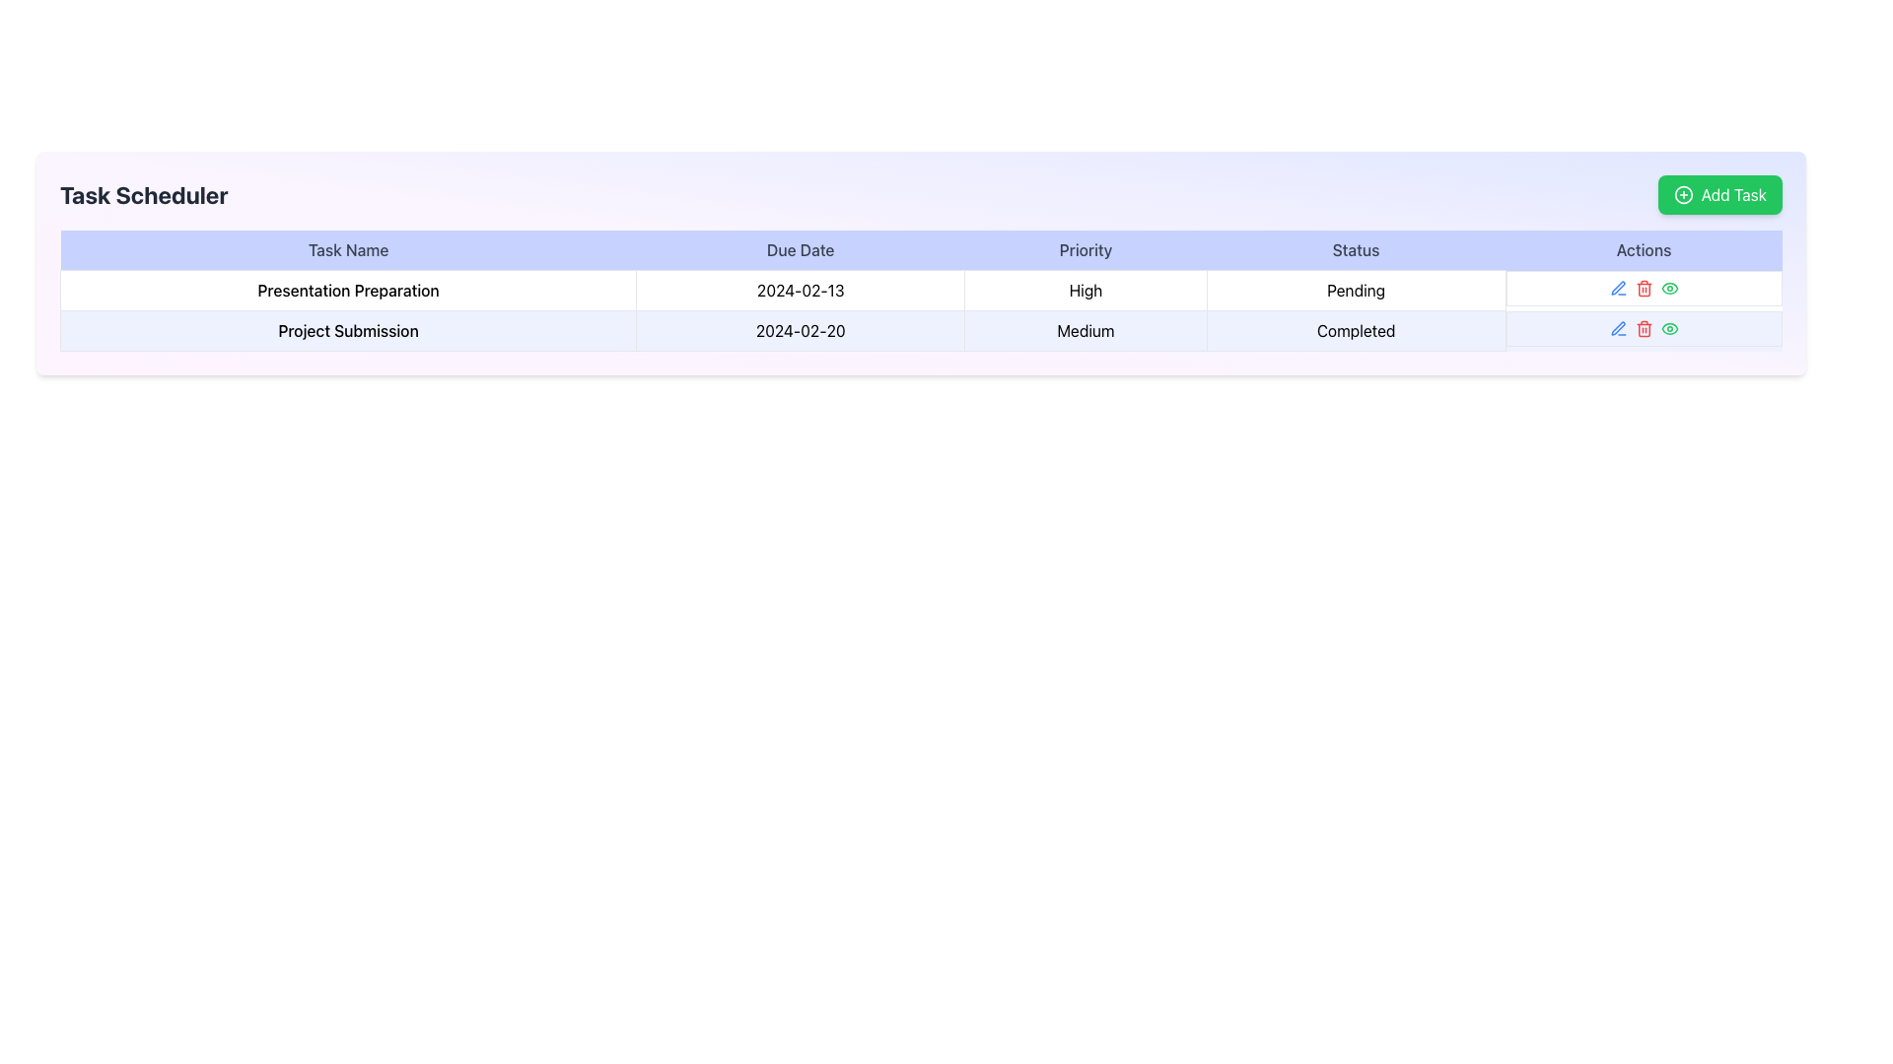  What do you see at coordinates (801, 249) in the screenshot?
I see `the text label that displays 'Due Date', which is centrally positioned in the second column of the header row in a table, following 'Task Name' and preceding 'Priority'` at bounding box center [801, 249].